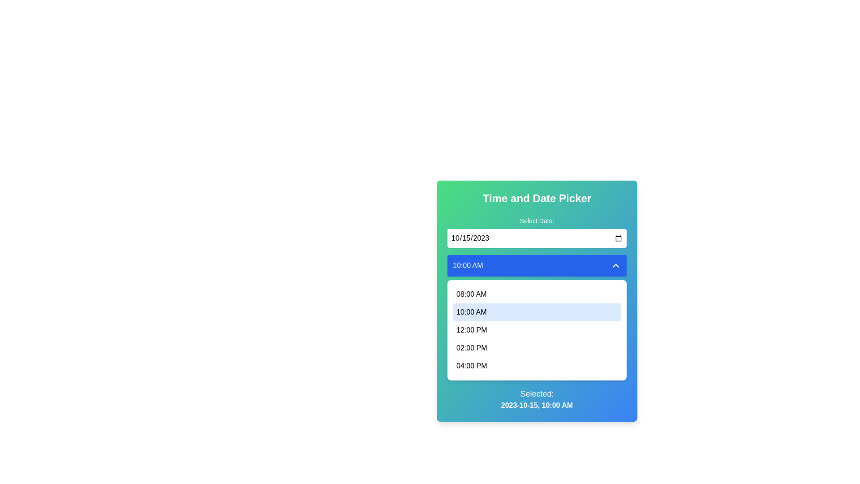 The width and height of the screenshot is (860, 484). What do you see at coordinates (537, 366) in the screenshot?
I see `to select the time option '04:00 PM' from the dropdown menu, which is the last item in the vertical list` at bounding box center [537, 366].